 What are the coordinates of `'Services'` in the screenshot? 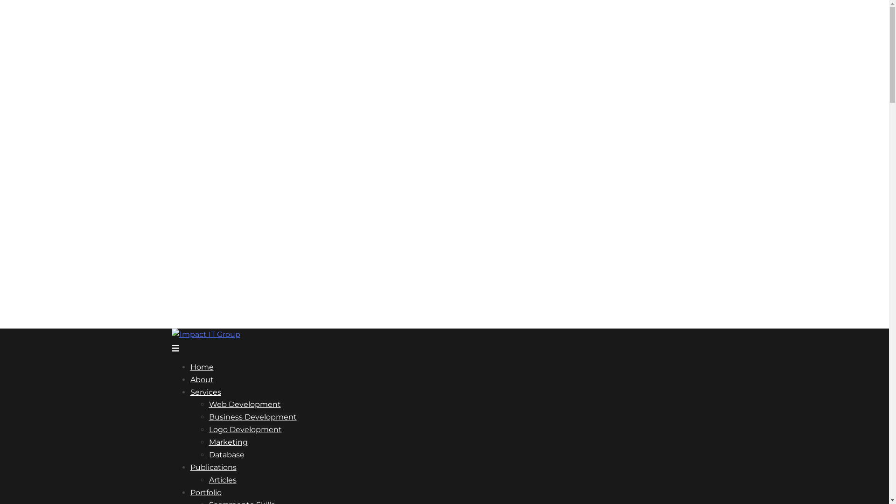 It's located at (190, 392).